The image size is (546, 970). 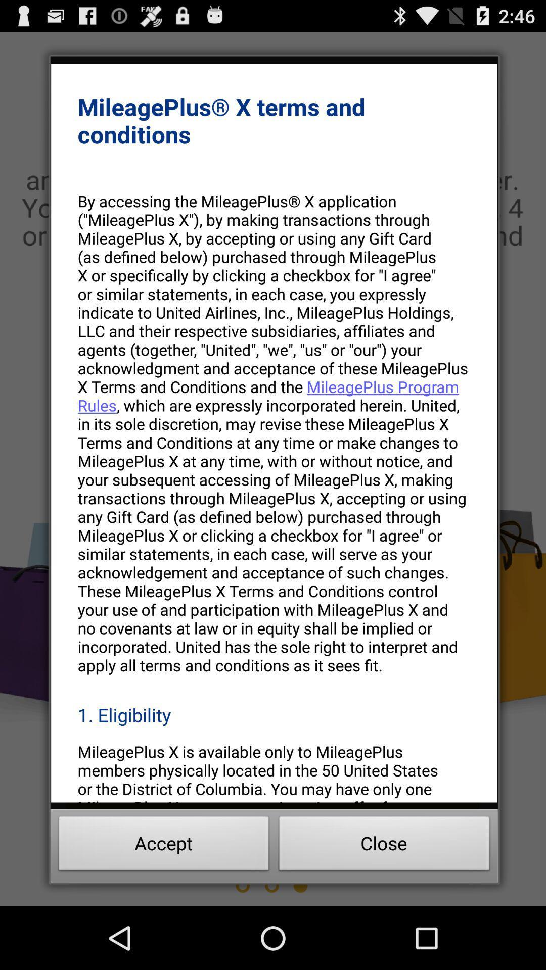 I want to click on the accept icon, so click(x=163, y=846).